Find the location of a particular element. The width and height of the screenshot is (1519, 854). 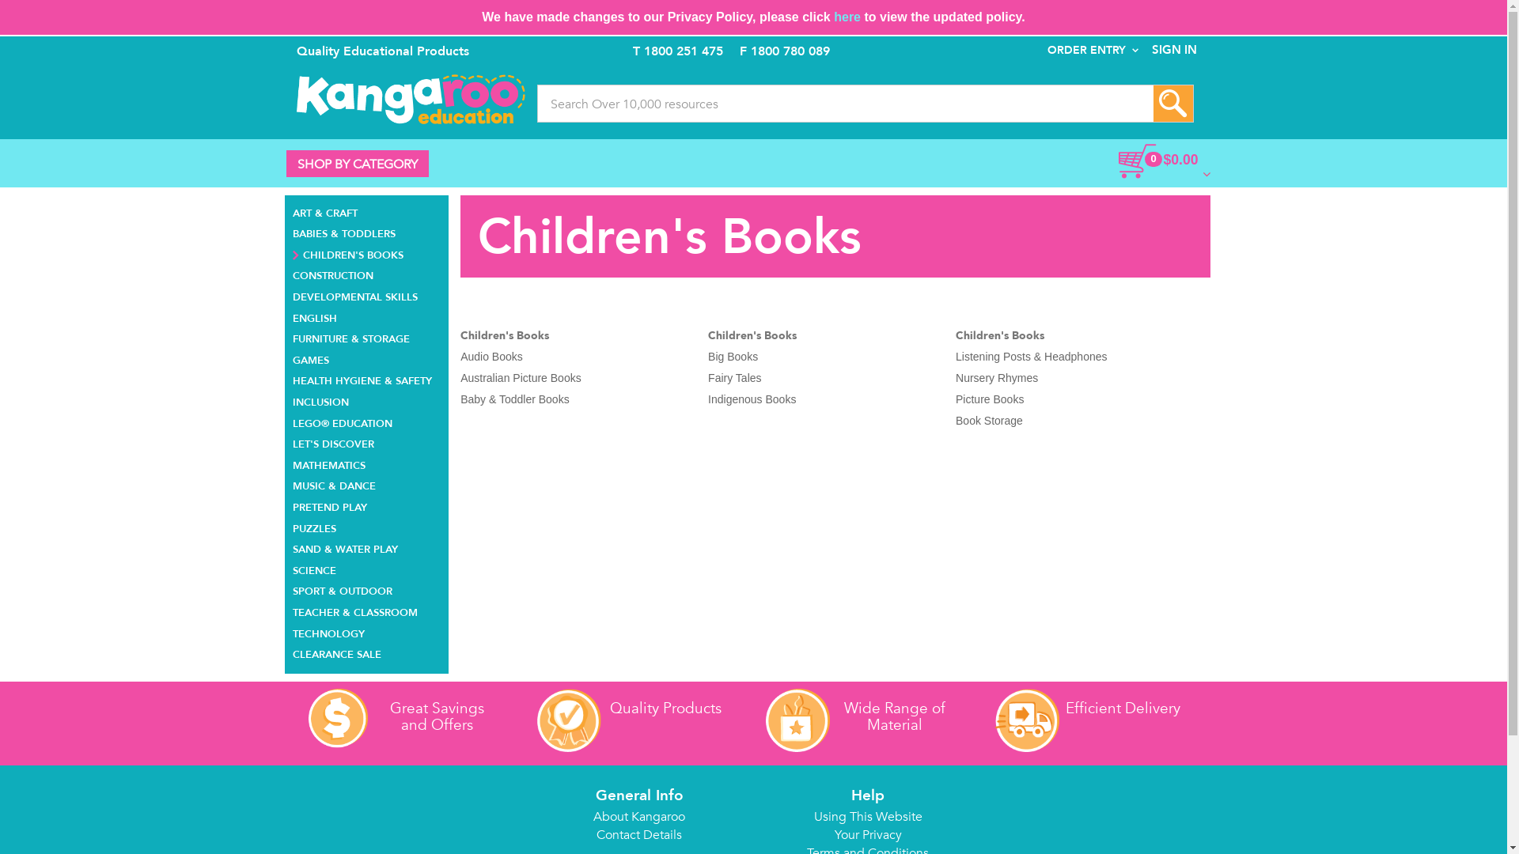

'GAMES' is located at coordinates (311, 358).